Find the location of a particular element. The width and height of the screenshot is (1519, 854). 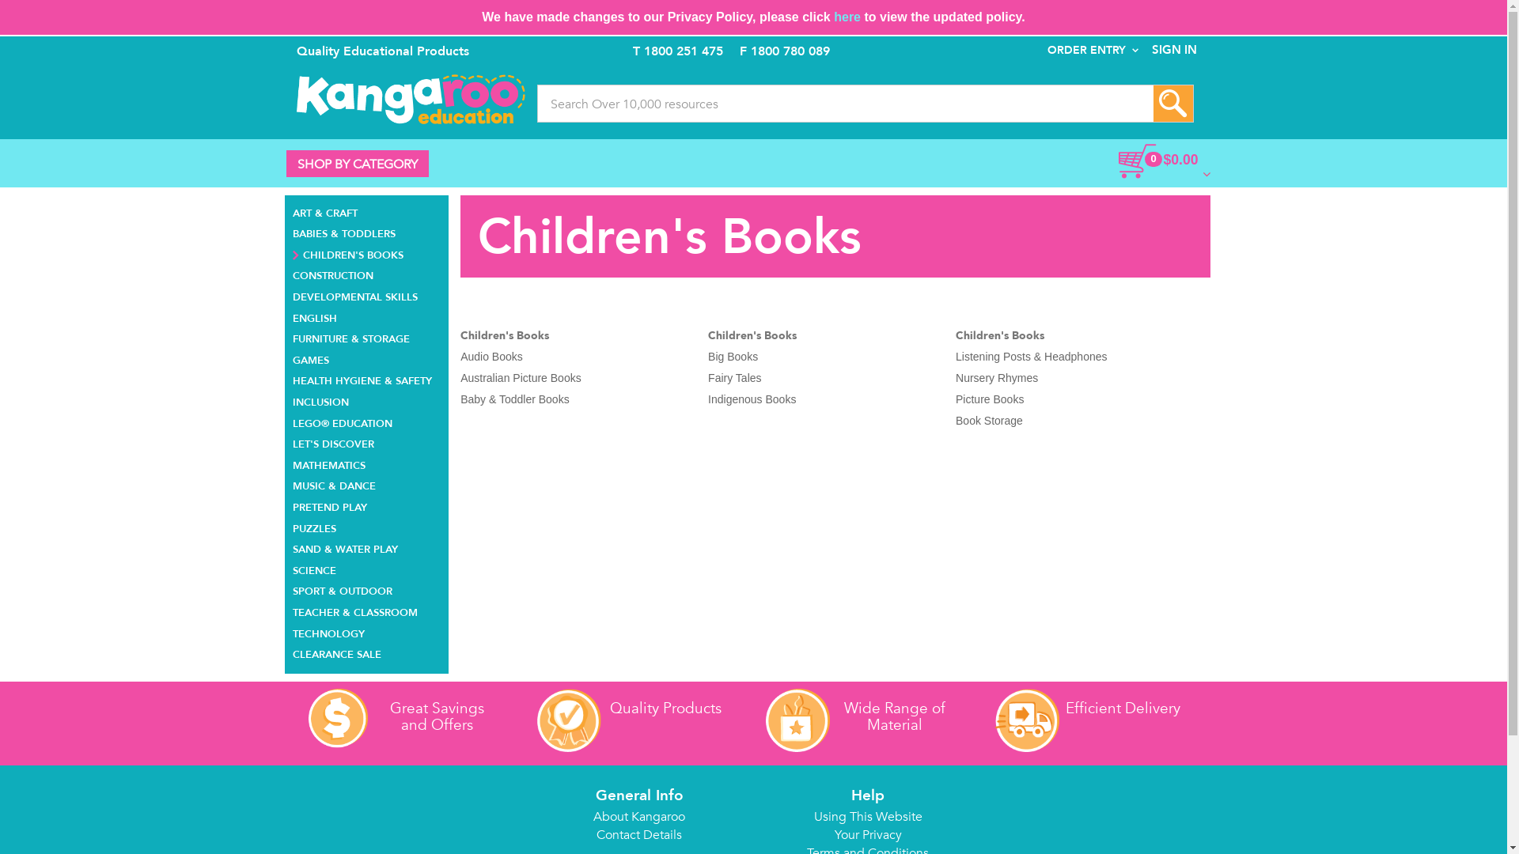

'GAMES' is located at coordinates (311, 358).